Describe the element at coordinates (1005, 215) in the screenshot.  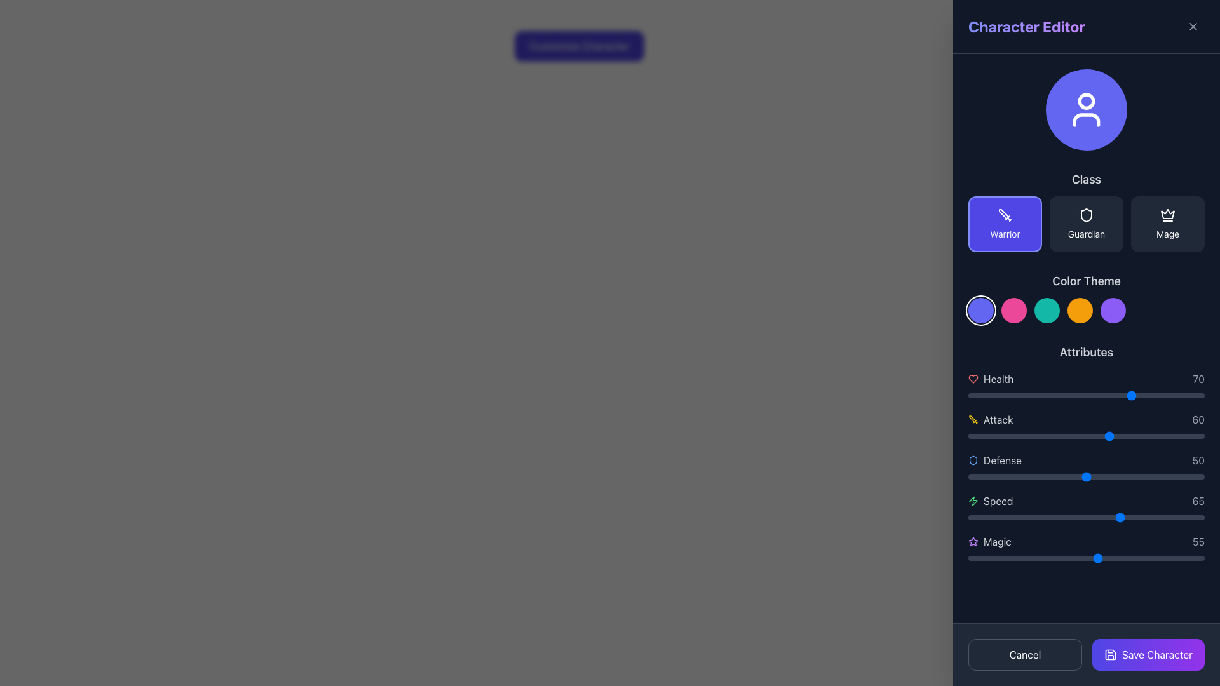
I see `the 'Warrior' class icon located inside the 'Warrior' button in the 'Character Editor' section on the right side of the interface` at that location.